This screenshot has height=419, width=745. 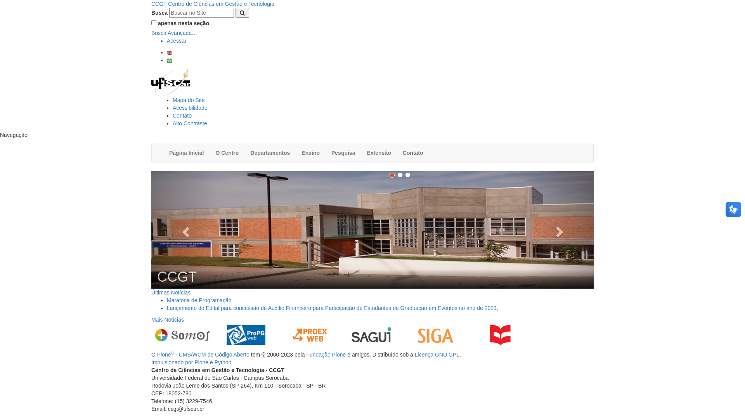 I want to click on 'Alto Contraste', so click(x=190, y=123).